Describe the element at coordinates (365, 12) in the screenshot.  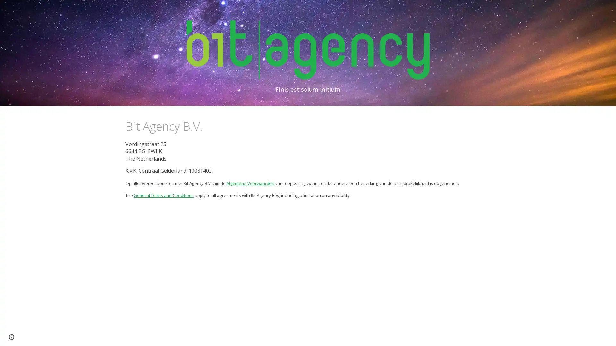
I see `Skip to navigation` at that location.